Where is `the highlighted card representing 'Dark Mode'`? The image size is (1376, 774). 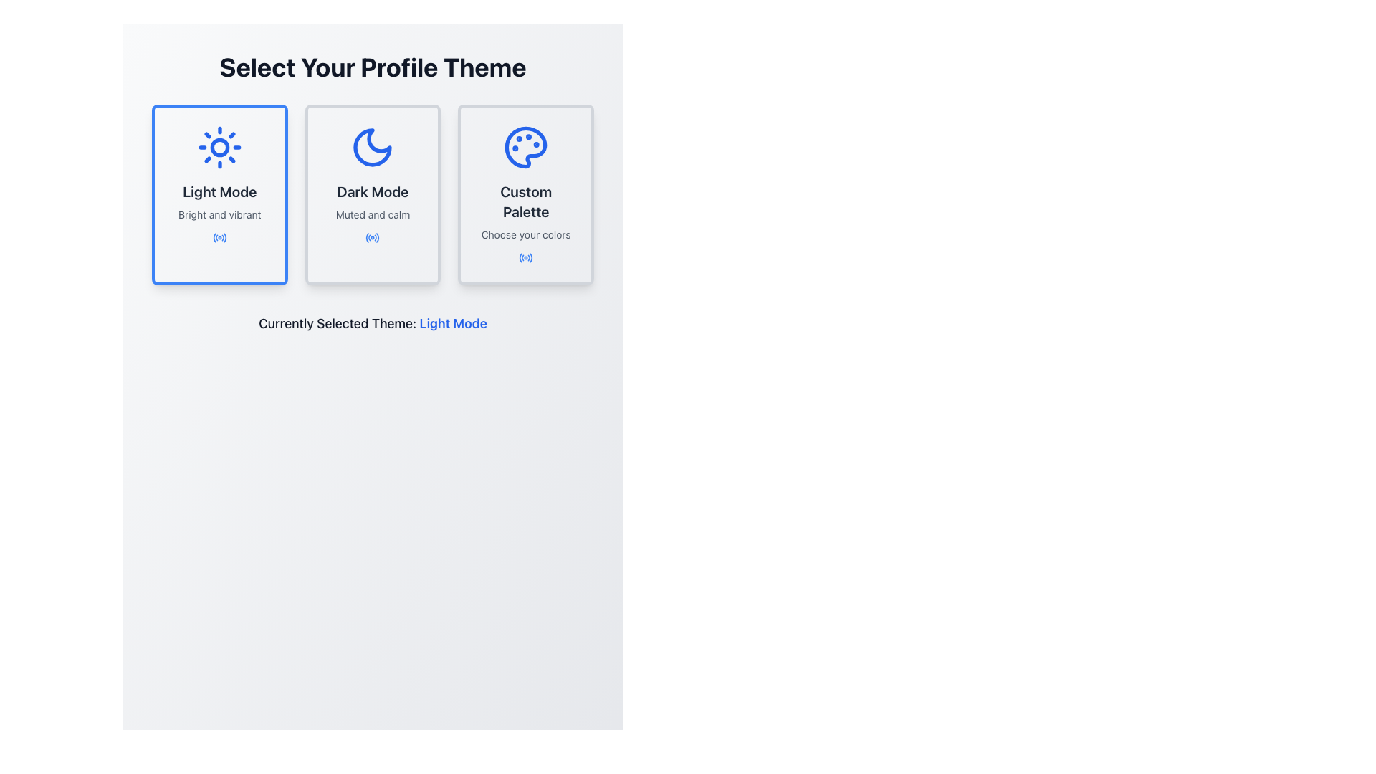
the highlighted card representing 'Dark Mode' is located at coordinates (373, 195).